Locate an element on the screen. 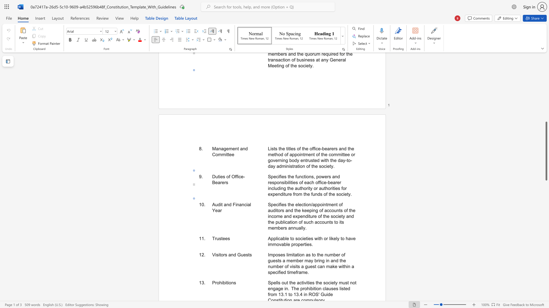 The width and height of the screenshot is (549, 308). the 1th character "." in the text is located at coordinates (306, 228).